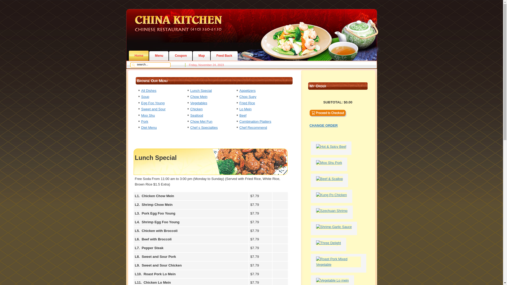 The image size is (507, 285). I want to click on 'Diet Menu', so click(148, 127).